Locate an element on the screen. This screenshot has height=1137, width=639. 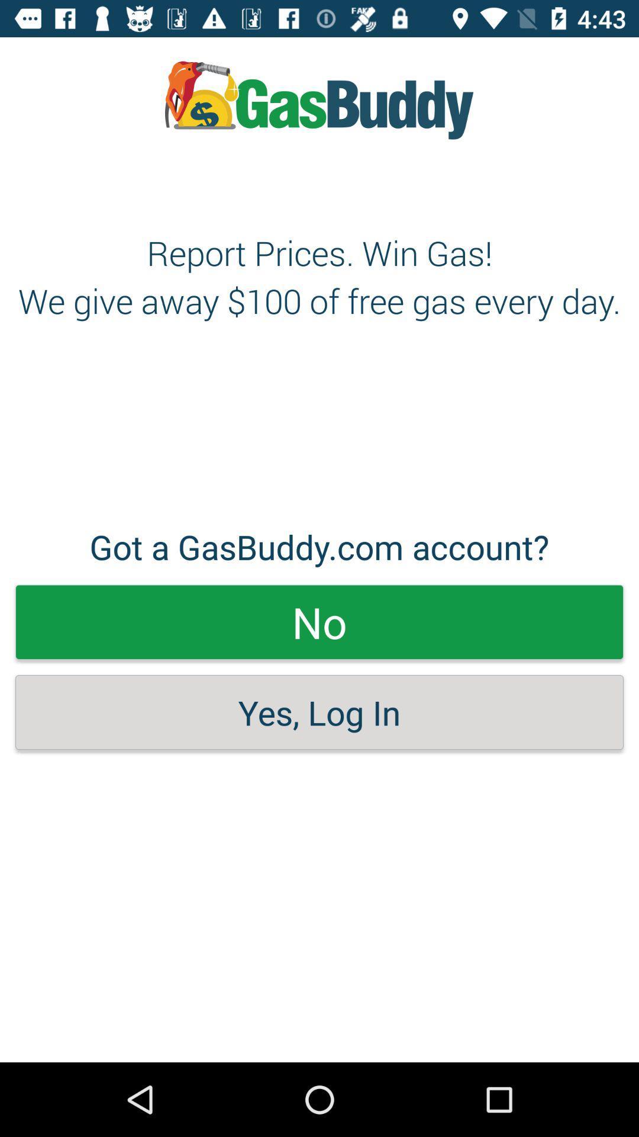
icon below got a gasbuddy icon is located at coordinates (319, 621).